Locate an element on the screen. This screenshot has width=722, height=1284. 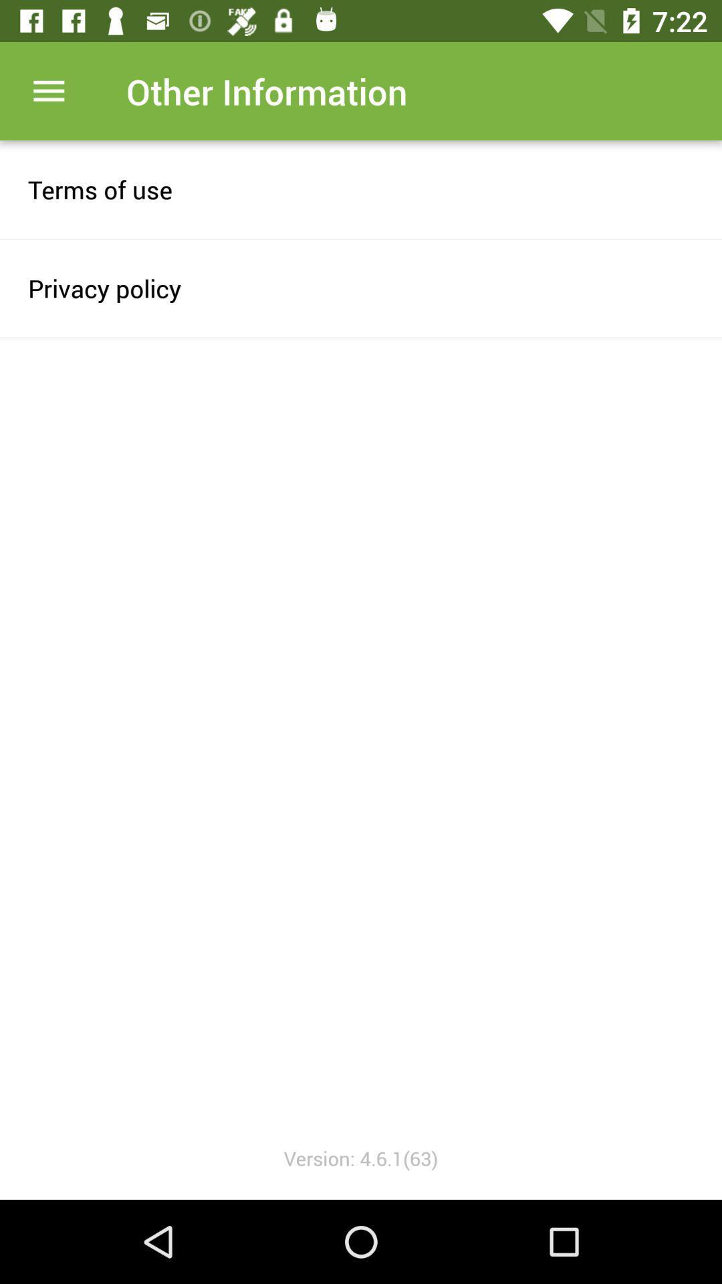
tap for menu options is located at coordinates (48, 90).